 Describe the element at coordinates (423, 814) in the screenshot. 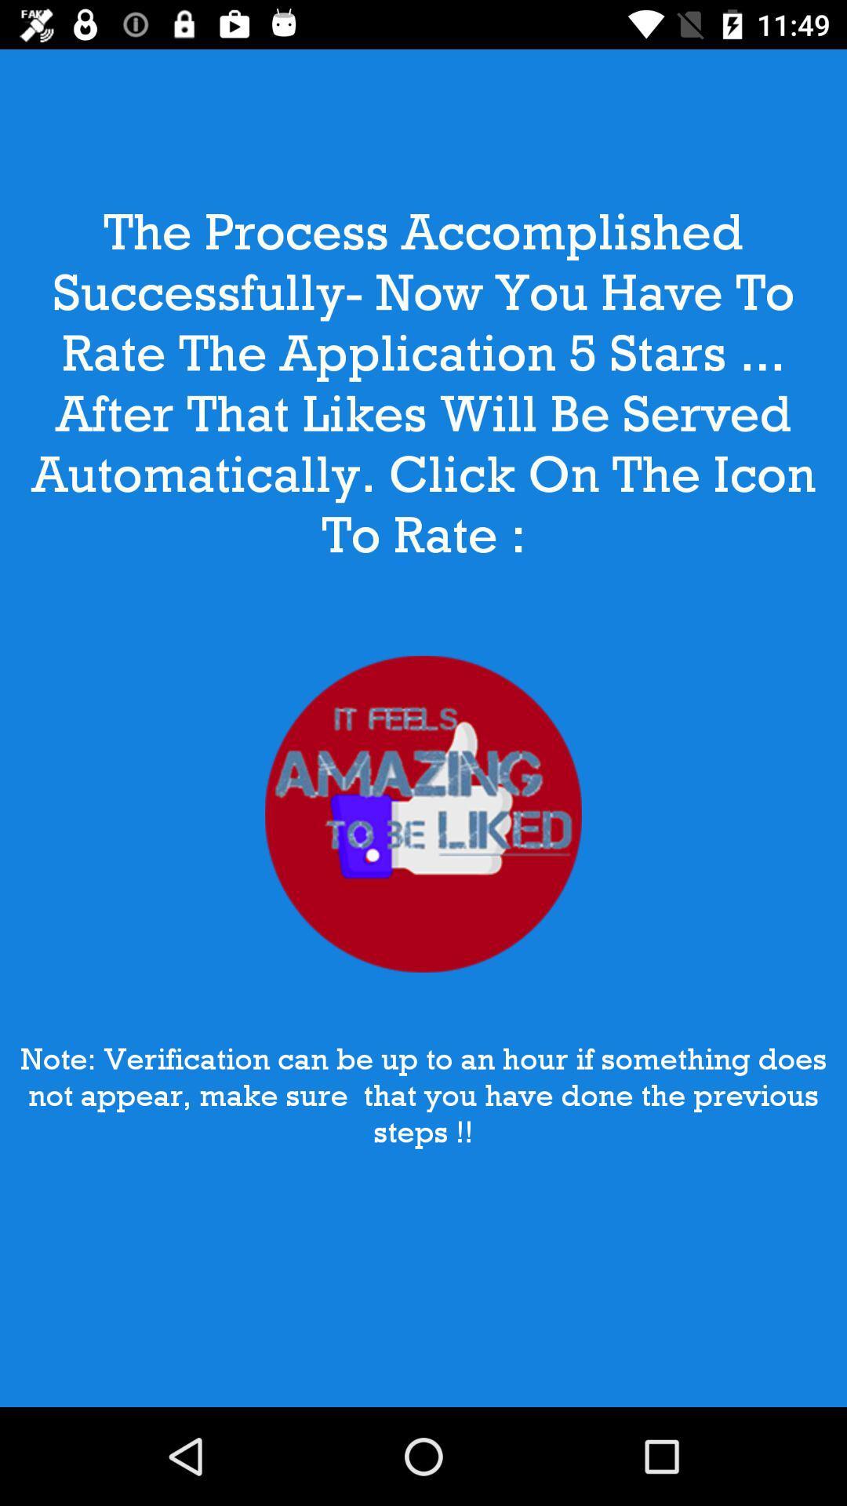

I see `rate icon` at that location.